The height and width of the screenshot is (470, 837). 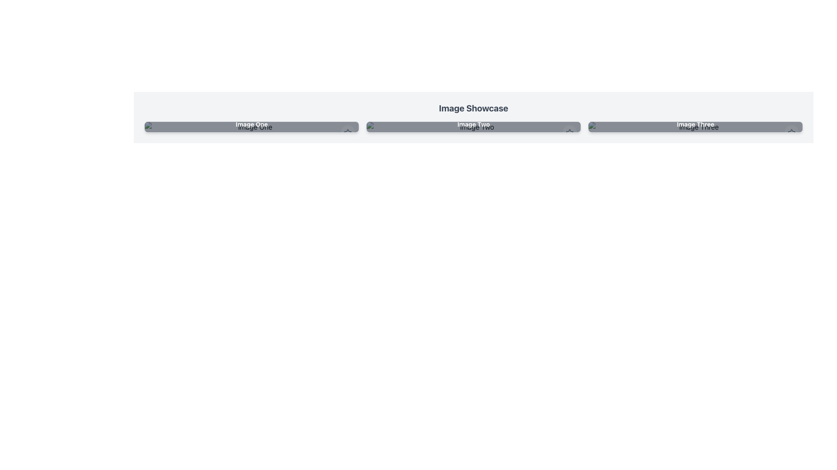 What do you see at coordinates (569, 132) in the screenshot?
I see `the inactive star-shaped Interactive Icon located to the right side of the 'Image Two' showcase section within a circular button` at bounding box center [569, 132].